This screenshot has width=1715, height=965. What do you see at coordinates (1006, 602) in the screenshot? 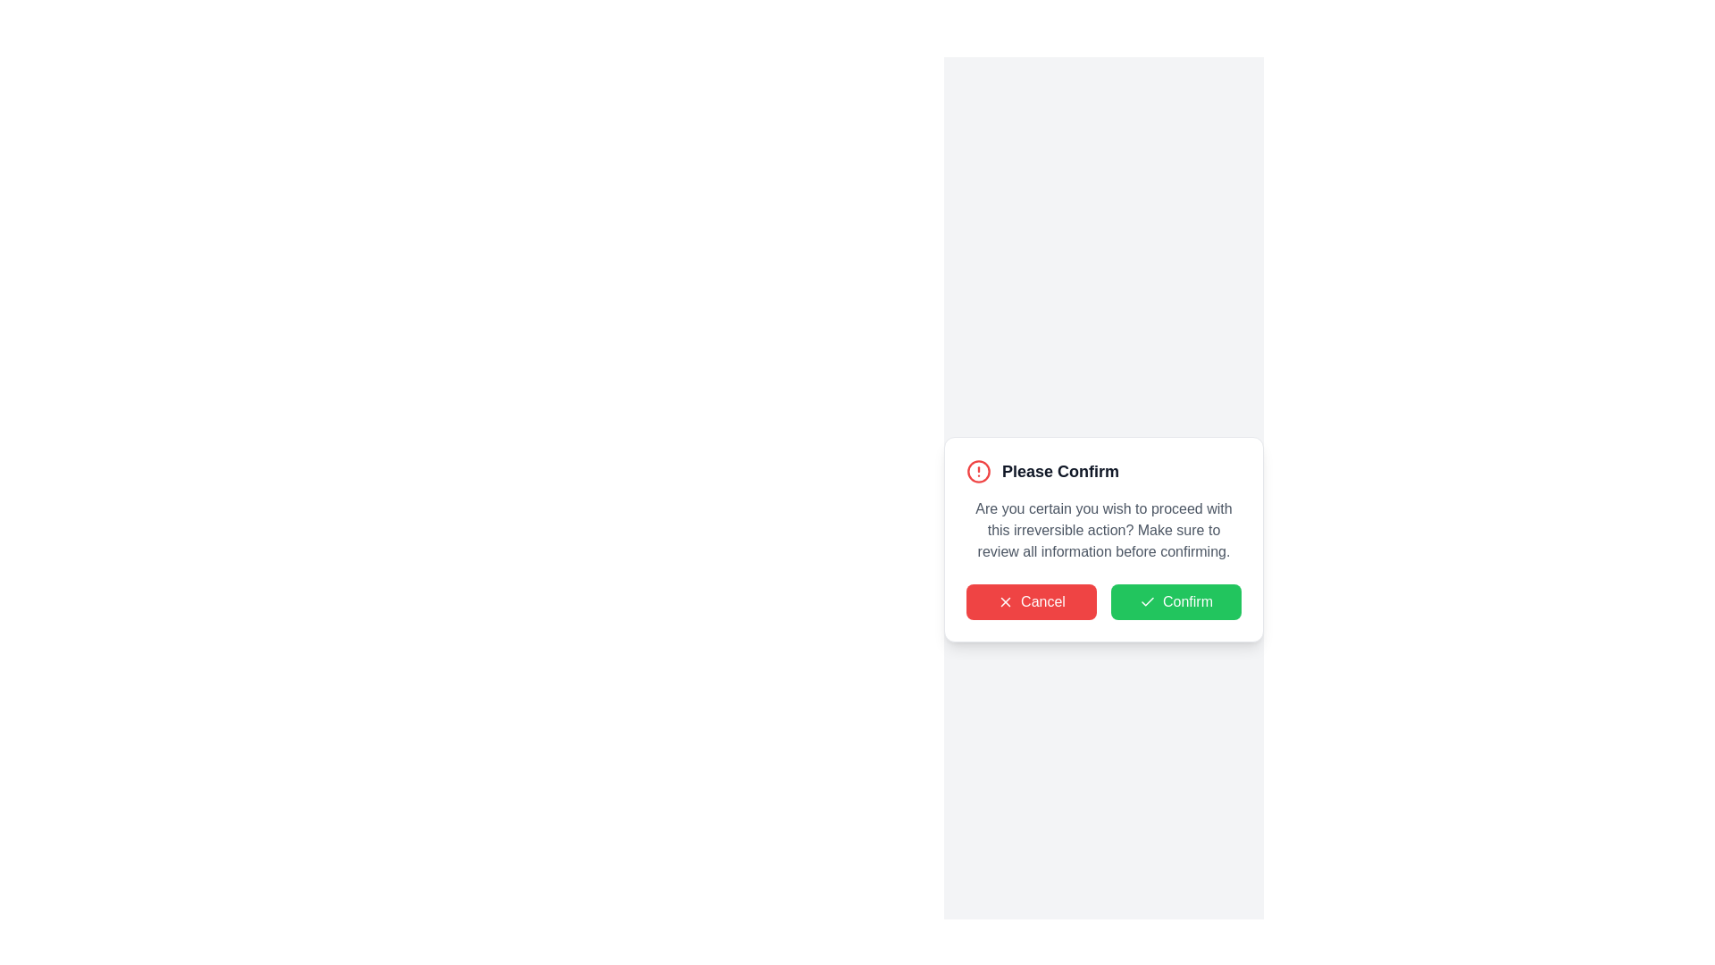
I see `the red 'Cancel' button containing the red 'X' icon used for cancellation` at bounding box center [1006, 602].